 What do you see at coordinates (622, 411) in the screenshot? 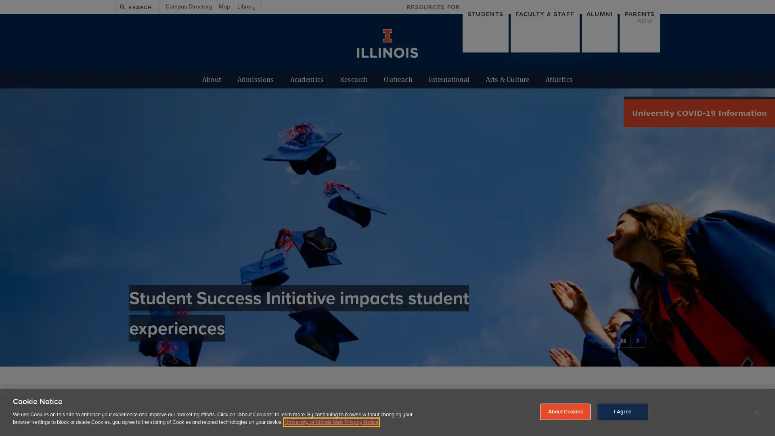
I see `I Agree` at bounding box center [622, 411].